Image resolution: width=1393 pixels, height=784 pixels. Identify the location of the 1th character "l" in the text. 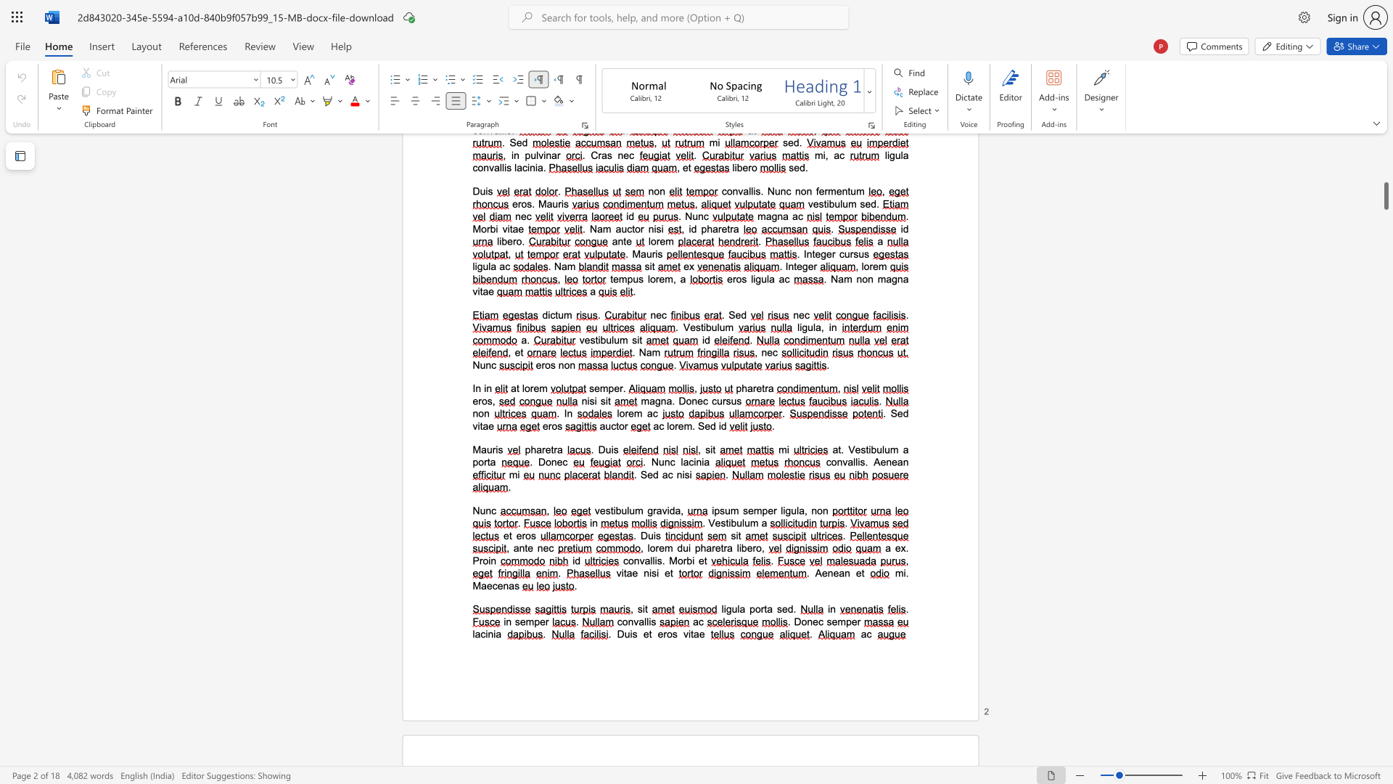
(781, 510).